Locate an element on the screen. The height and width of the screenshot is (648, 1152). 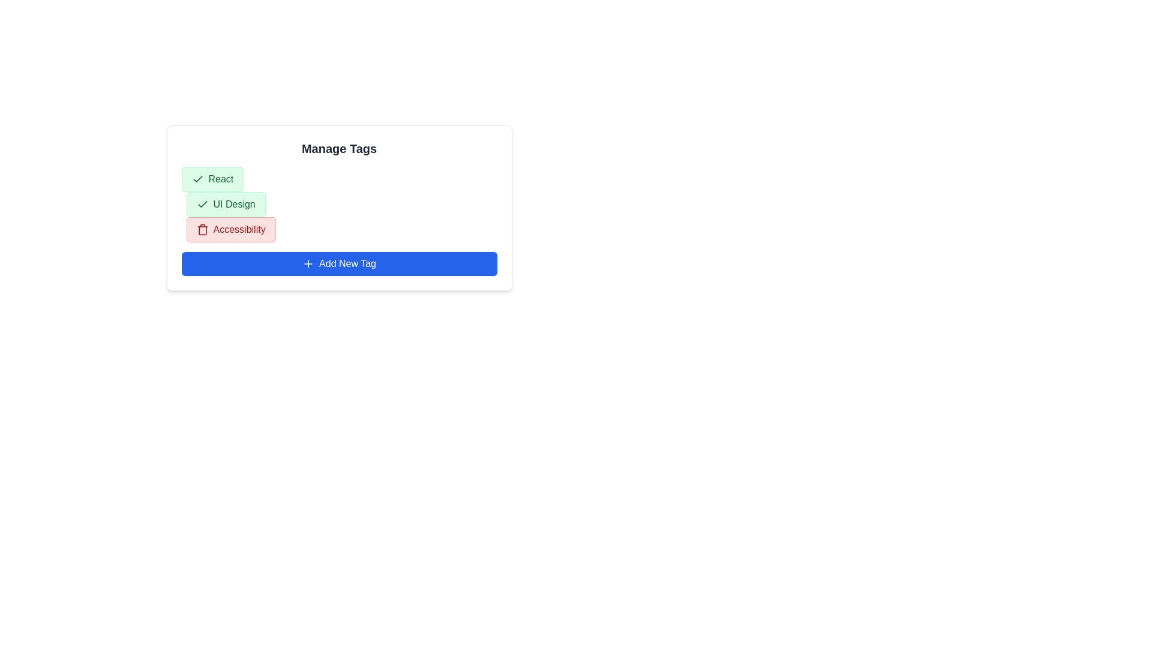
the red trash can icon within the 'Accessibility' button is located at coordinates (202, 229).